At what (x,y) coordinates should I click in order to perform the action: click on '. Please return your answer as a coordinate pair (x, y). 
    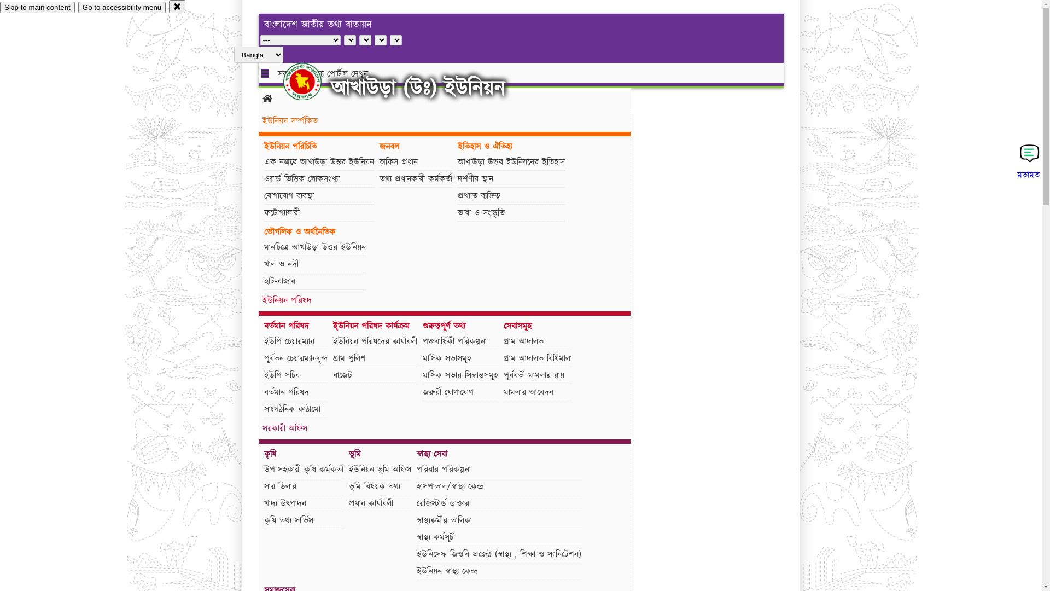
    Looking at the image, I should click on (311, 81).